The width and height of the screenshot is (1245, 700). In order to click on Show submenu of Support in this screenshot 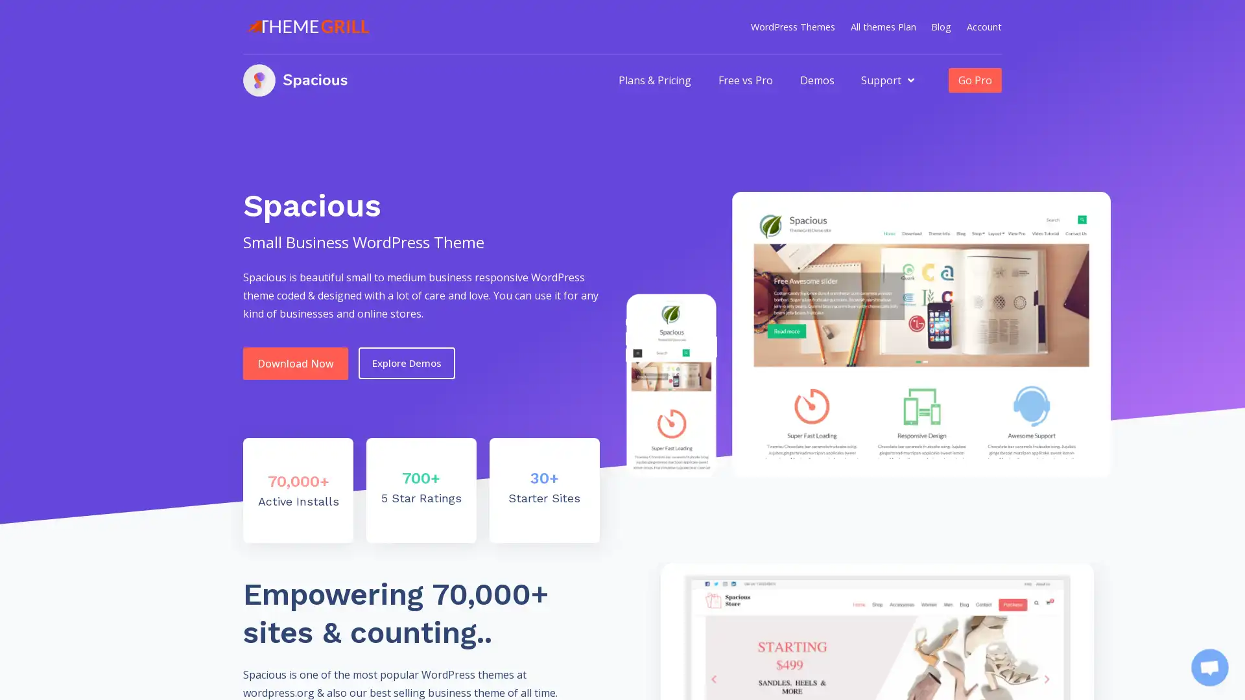, I will do `click(910, 80)`.